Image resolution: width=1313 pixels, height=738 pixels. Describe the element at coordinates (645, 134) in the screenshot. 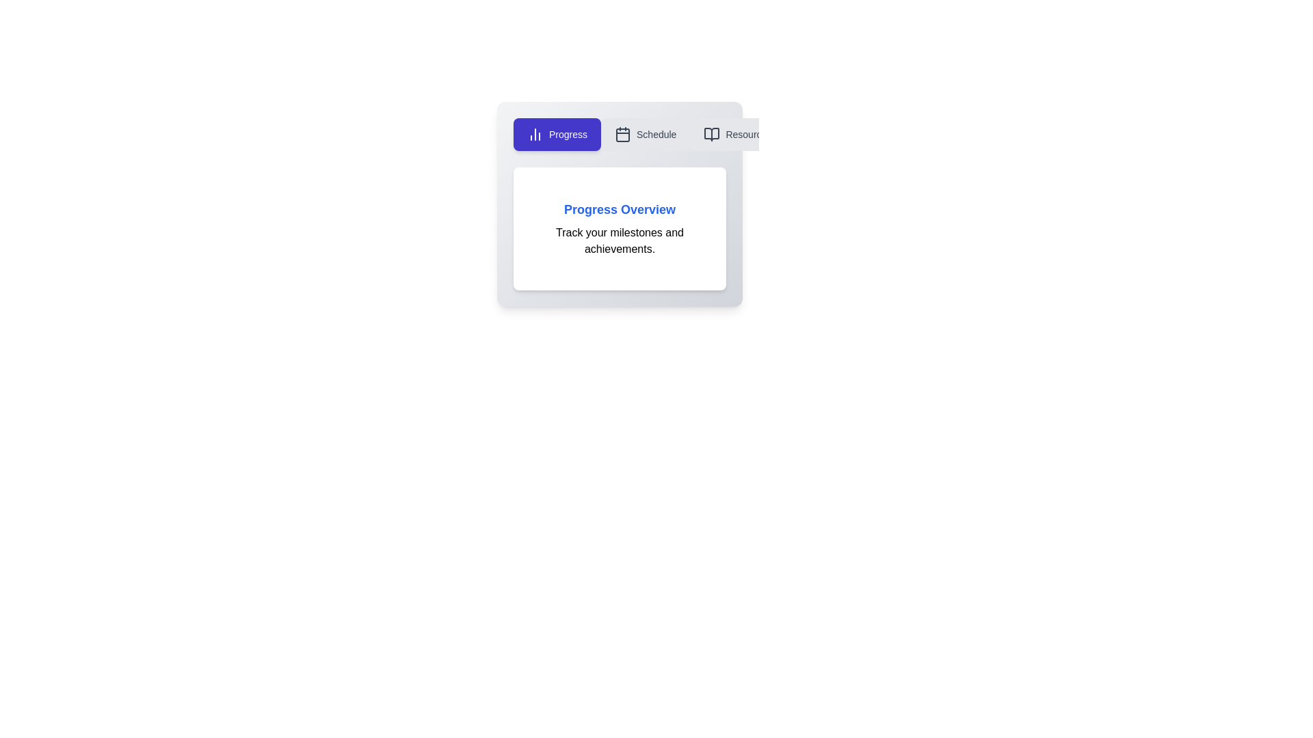

I see `the tab button labeled 'Schedule' to observe its hover effect` at that location.